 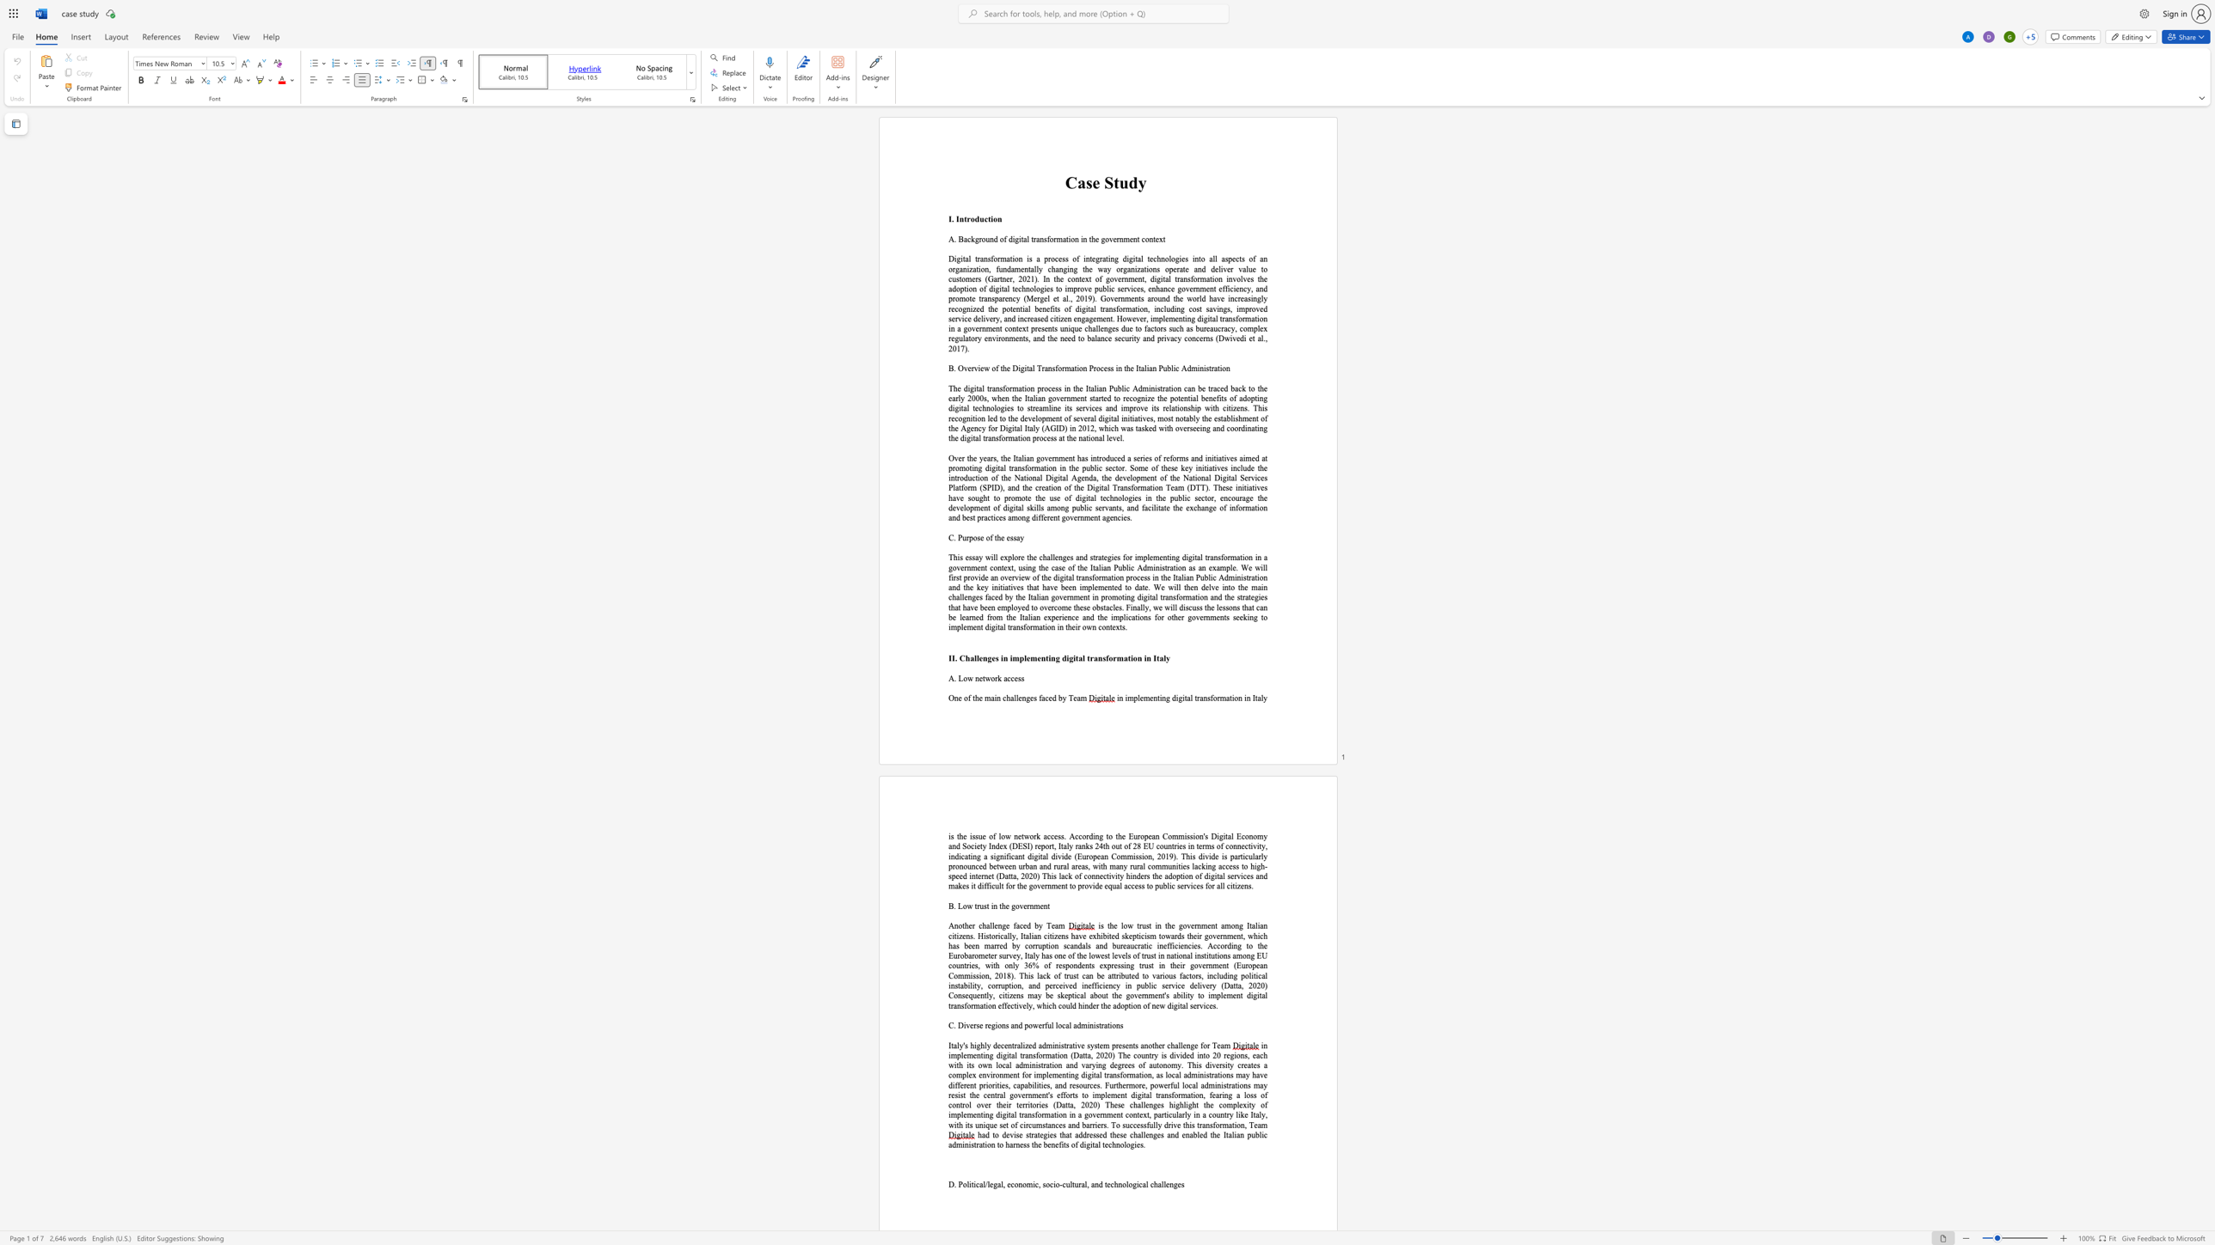 What do you see at coordinates (962, 537) in the screenshot?
I see `the space between the continuous character "P" and "u" in the text` at bounding box center [962, 537].